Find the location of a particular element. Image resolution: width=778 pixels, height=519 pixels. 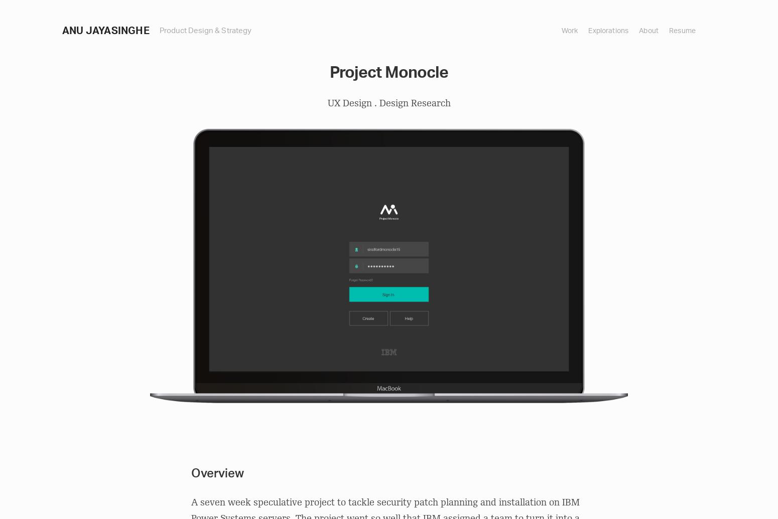

'Product Design & Strategy' is located at coordinates (205, 30).